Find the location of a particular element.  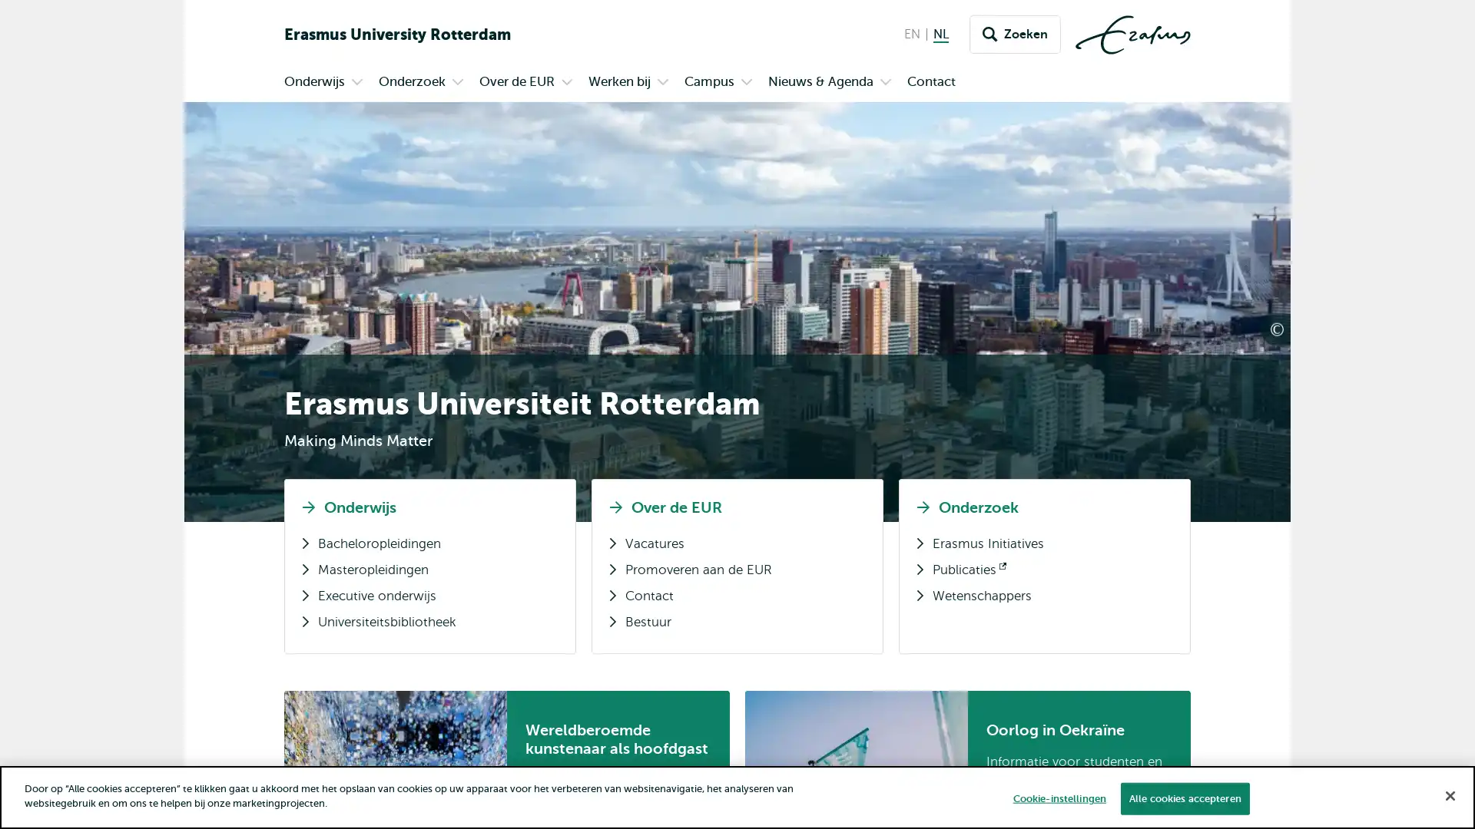

Cookie-instellingen is located at coordinates (1058, 798).